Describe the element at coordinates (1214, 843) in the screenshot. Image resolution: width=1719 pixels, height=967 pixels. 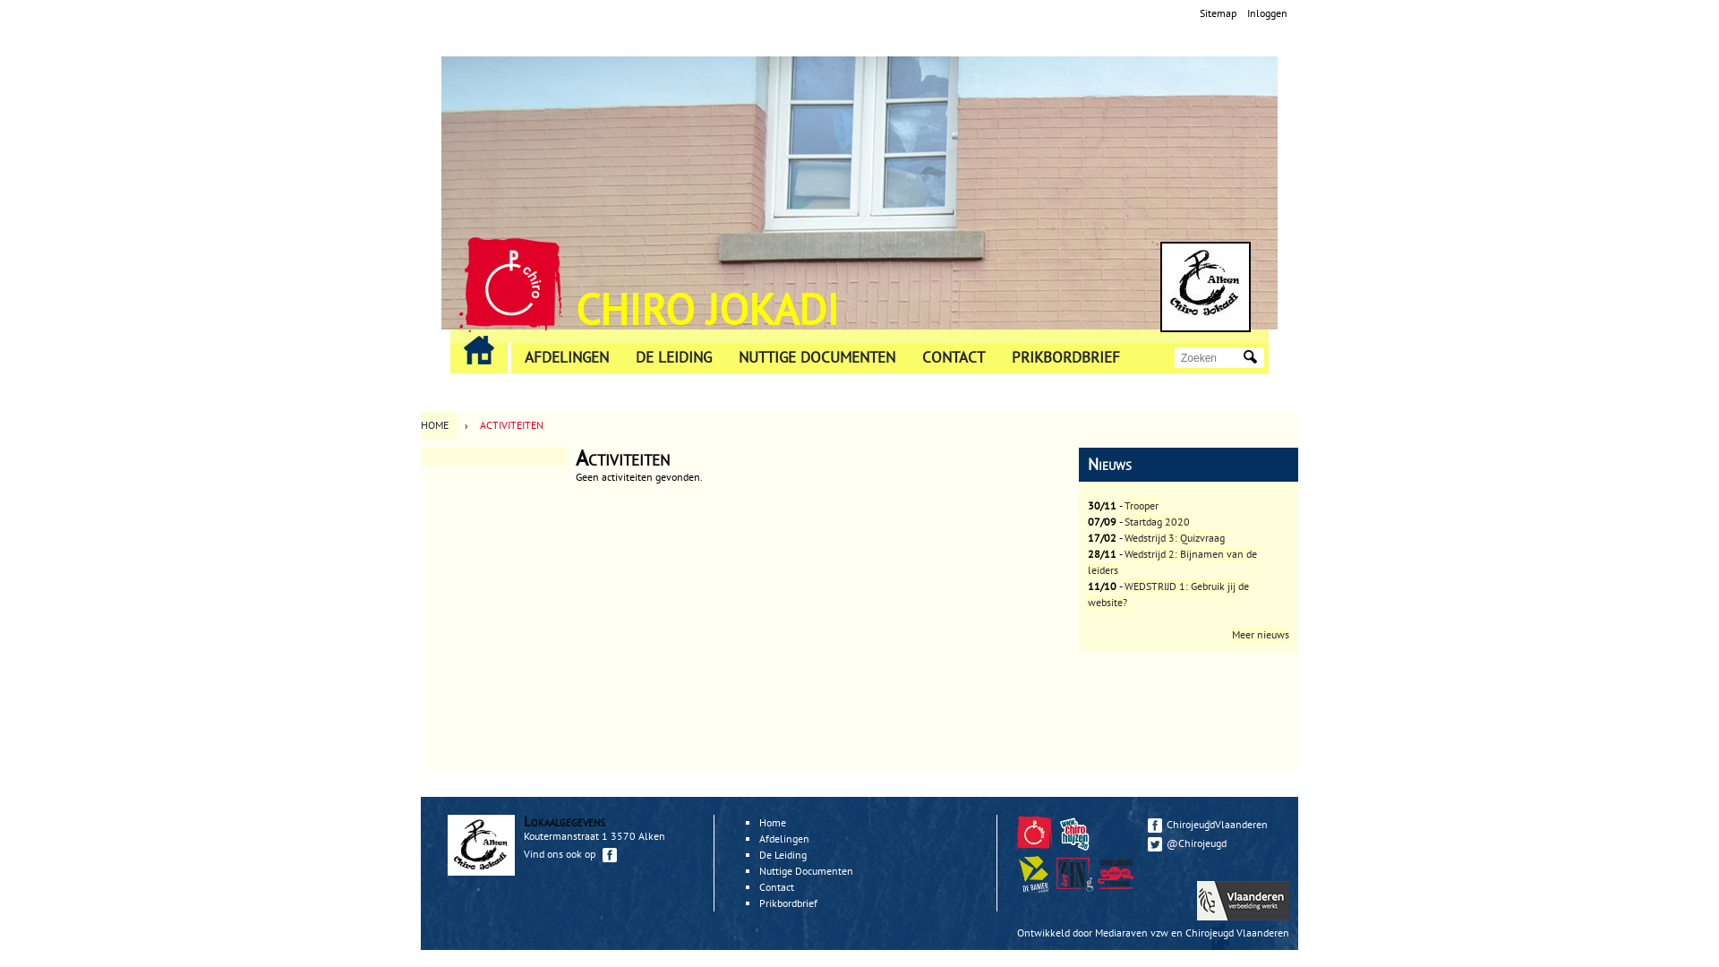
I see `'@Chirojeugd'` at that location.